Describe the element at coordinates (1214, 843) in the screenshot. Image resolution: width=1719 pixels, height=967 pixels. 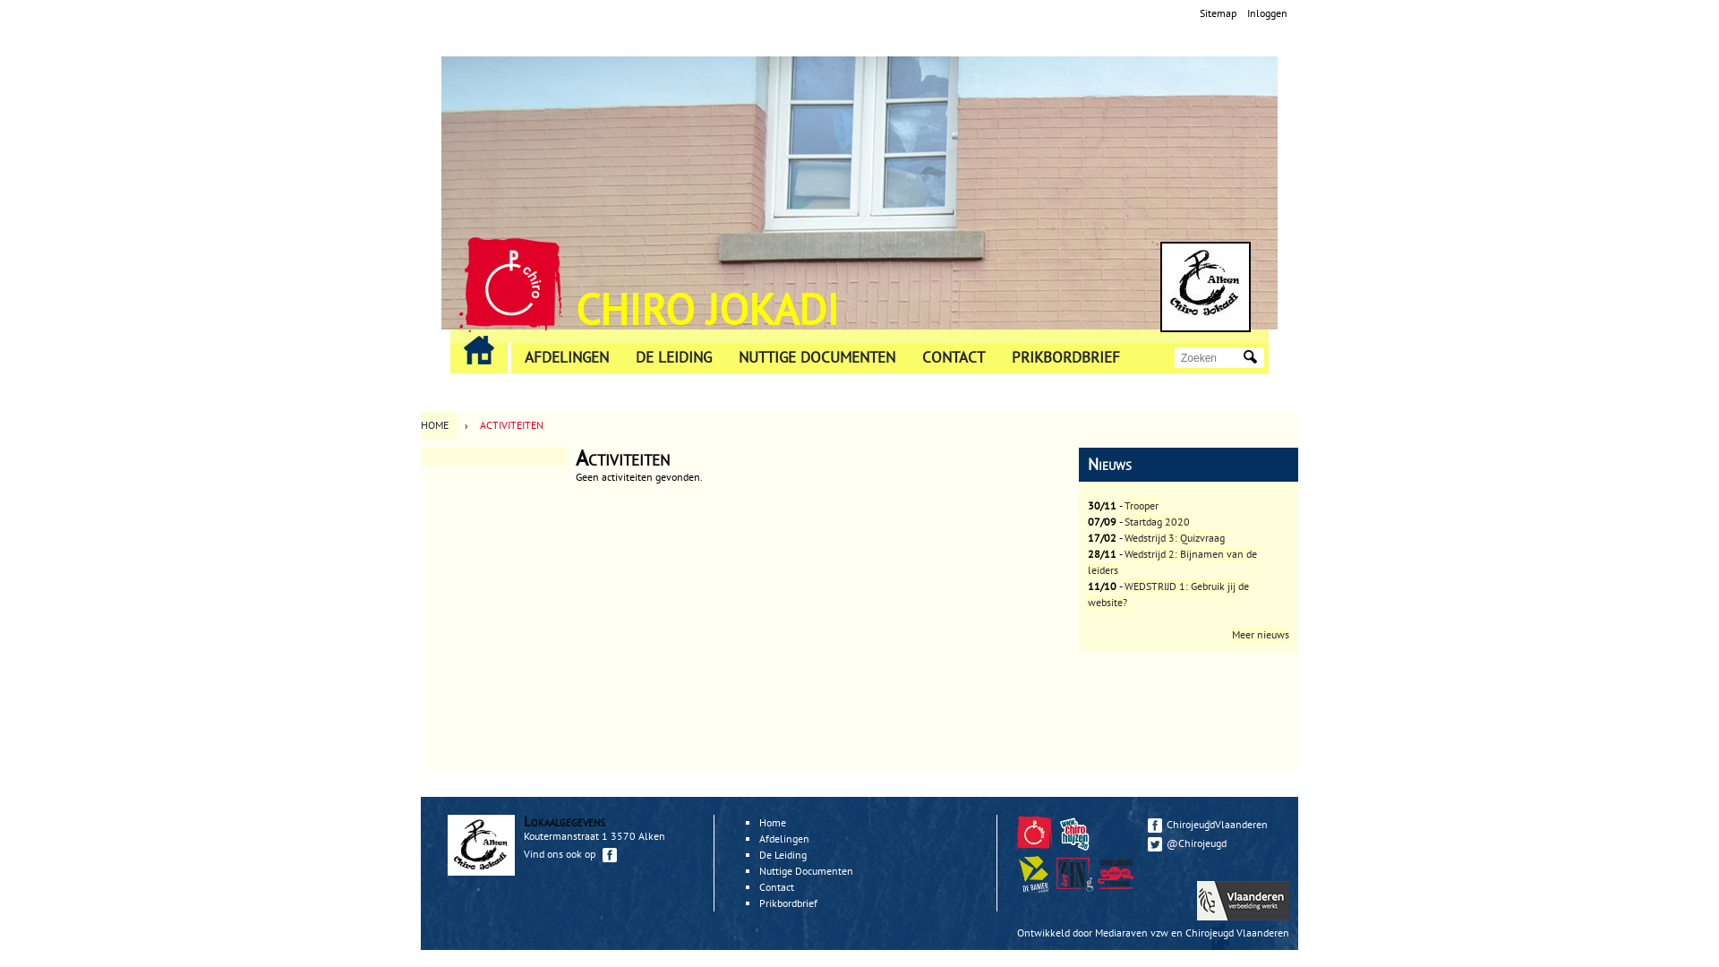
I see `'@Chirojeugd'` at that location.